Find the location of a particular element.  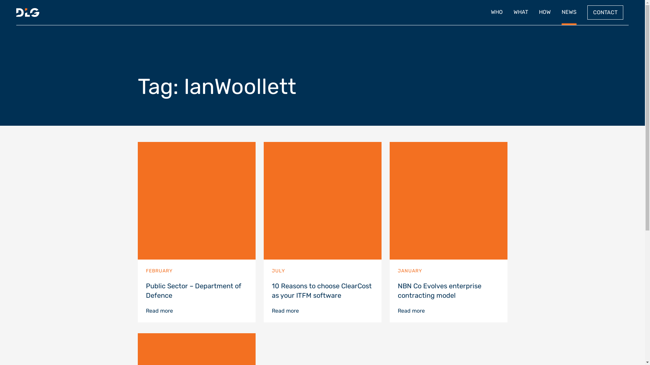

'JULY is located at coordinates (322, 224).